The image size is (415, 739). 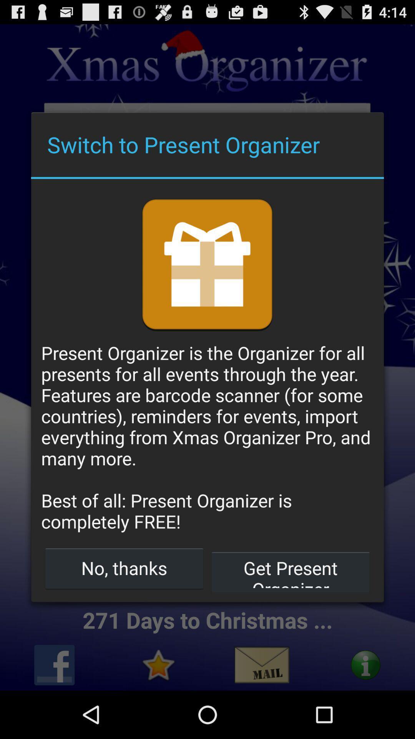 What do you see at coordinates (124, 568) in the screenshot?
I see `icon at the bottom left corner` at bounding box center [124, 568].